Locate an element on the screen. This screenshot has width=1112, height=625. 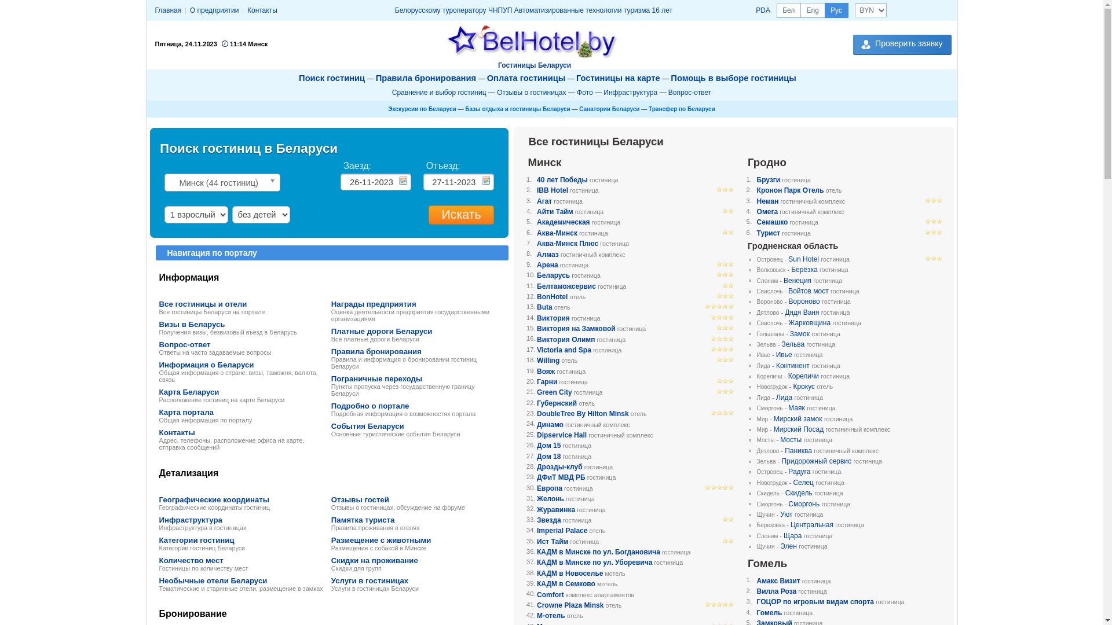
'Green City' is located at coordinates (554, 392).